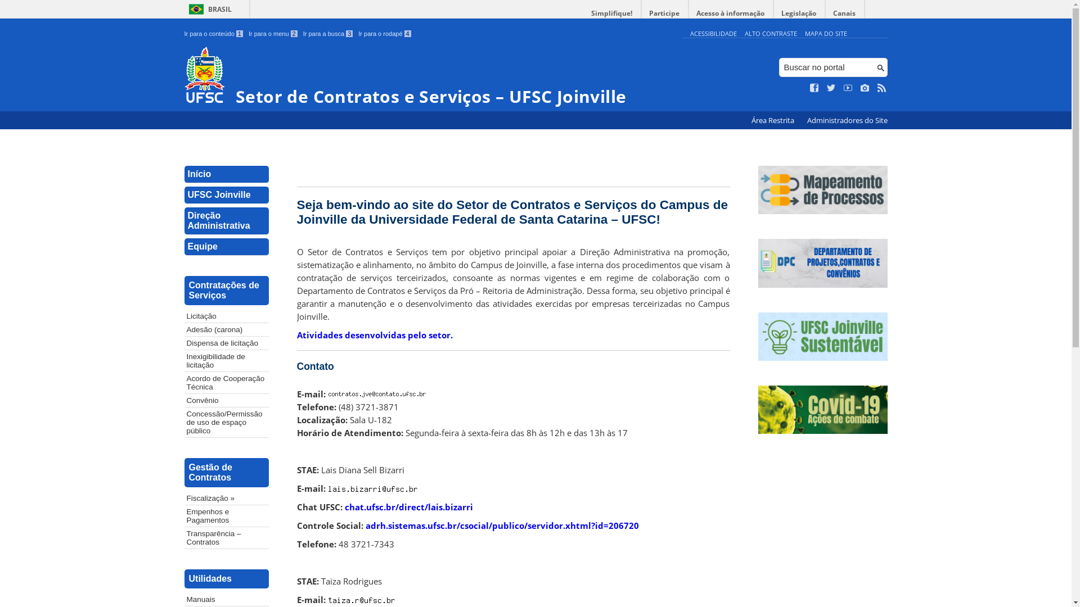 The width and height of the screenshot is (1080, 607). What do you see at coordinates (664, 13) in the screenshot?
I see `'Participe'` at bounding box center [664, 13].